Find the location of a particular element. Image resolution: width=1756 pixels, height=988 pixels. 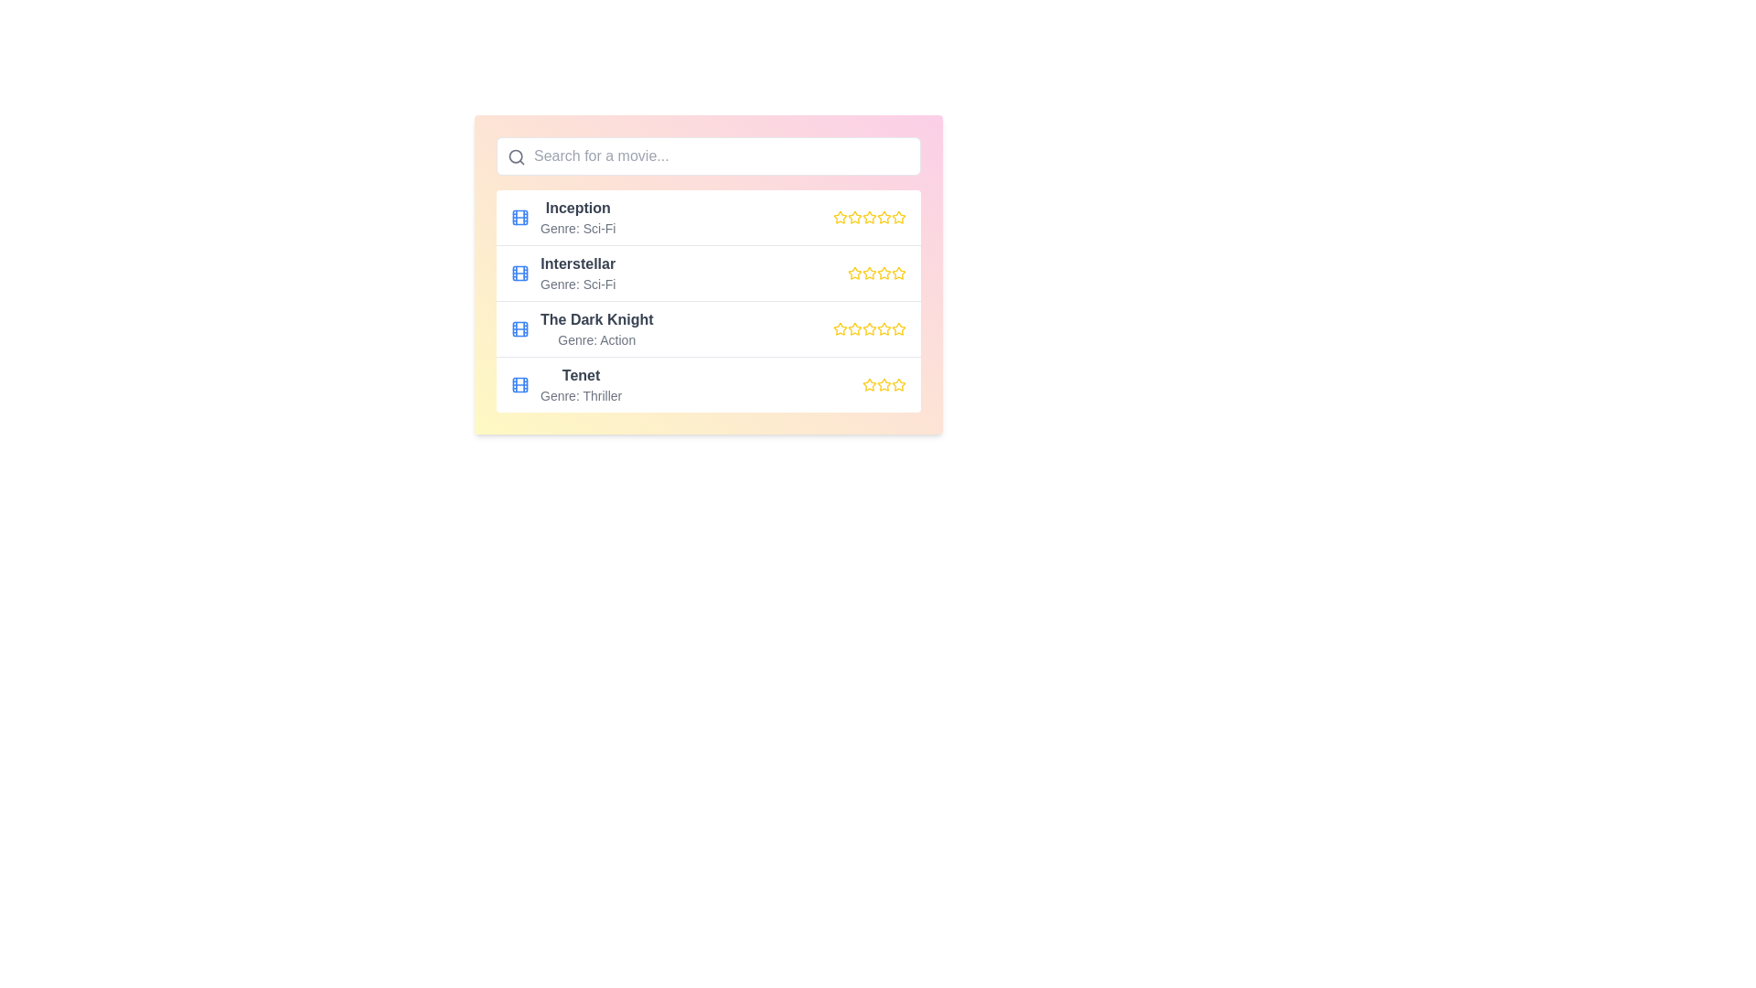

the Decorative component inside the movie icon located to the left of the title 'Tenet' in the fourth row of the list is located at coordinates (519, 383).